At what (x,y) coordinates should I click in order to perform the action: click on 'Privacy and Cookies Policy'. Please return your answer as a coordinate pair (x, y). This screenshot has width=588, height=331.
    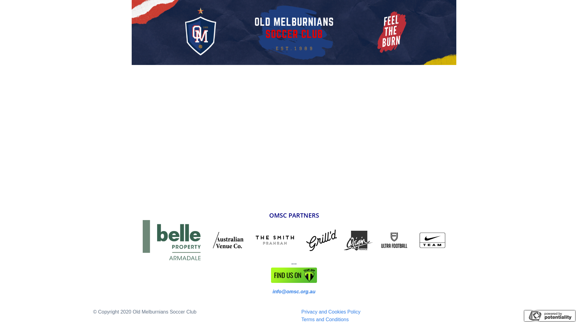
    Looking at the image, I should click on (330, 312).